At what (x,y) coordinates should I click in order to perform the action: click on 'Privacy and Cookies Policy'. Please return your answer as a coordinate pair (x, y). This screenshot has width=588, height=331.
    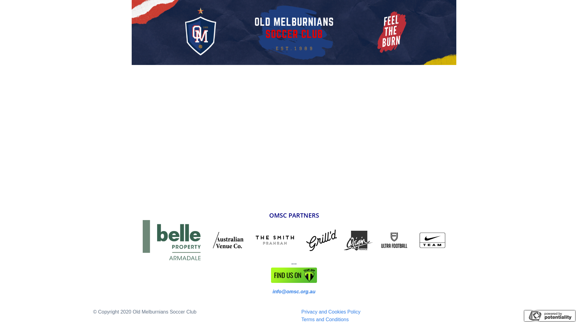
    Looking at the image, I should click on (330, 312).